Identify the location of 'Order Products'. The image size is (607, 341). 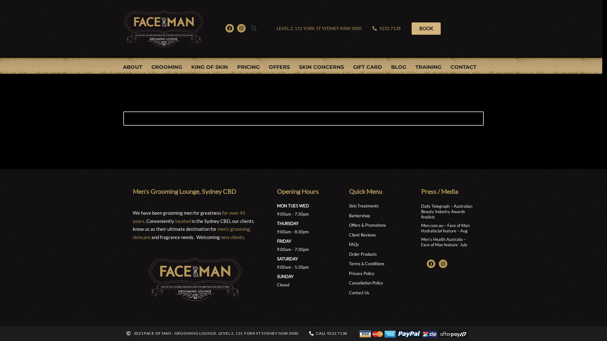
(375, 254).